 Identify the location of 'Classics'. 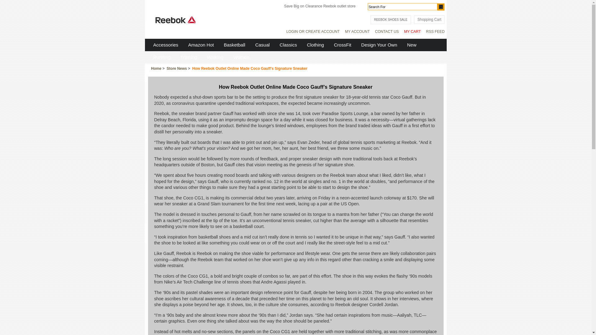
(275, 44).